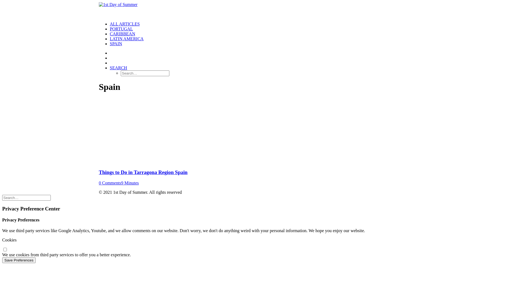 This screenshot has height=296, width=527. Describe the element at coordinates (2, 198) in the screenshot. I see `'Search for:'` at that location.